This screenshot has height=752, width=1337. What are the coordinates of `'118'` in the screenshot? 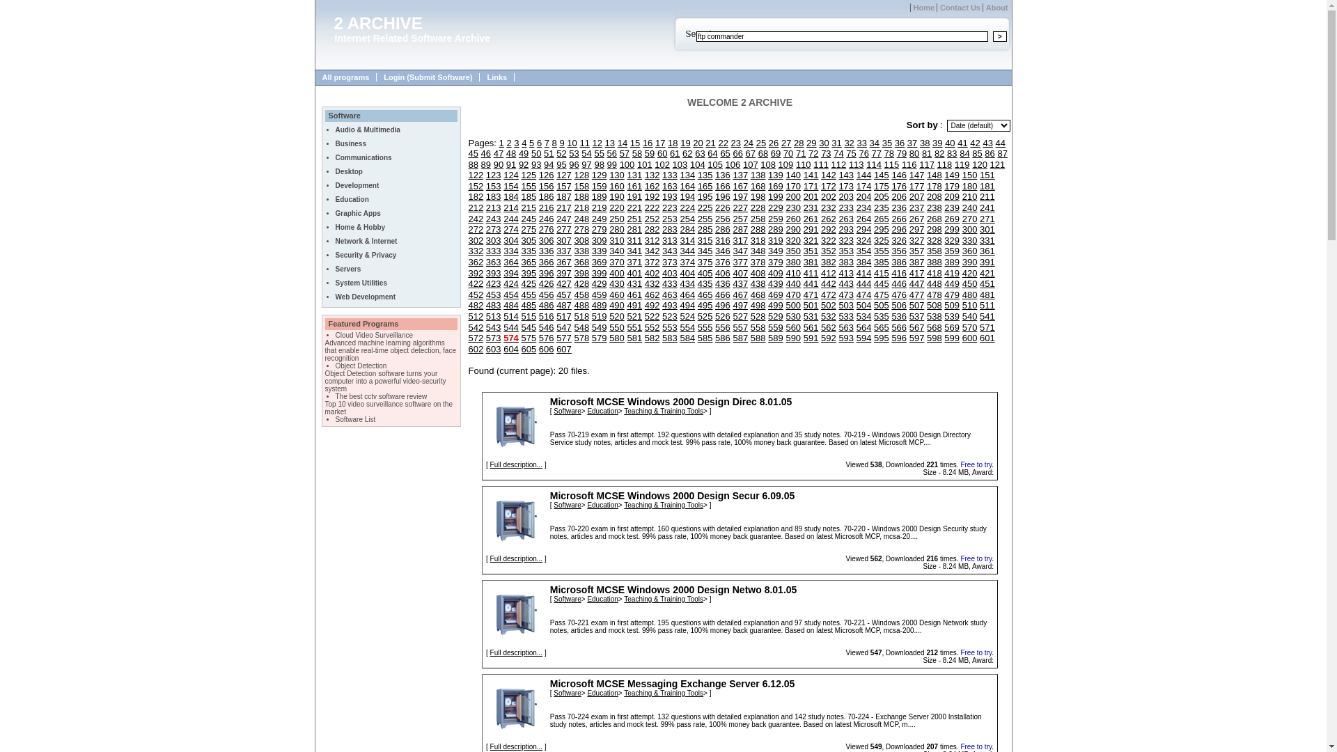 It's located at (937, 164).